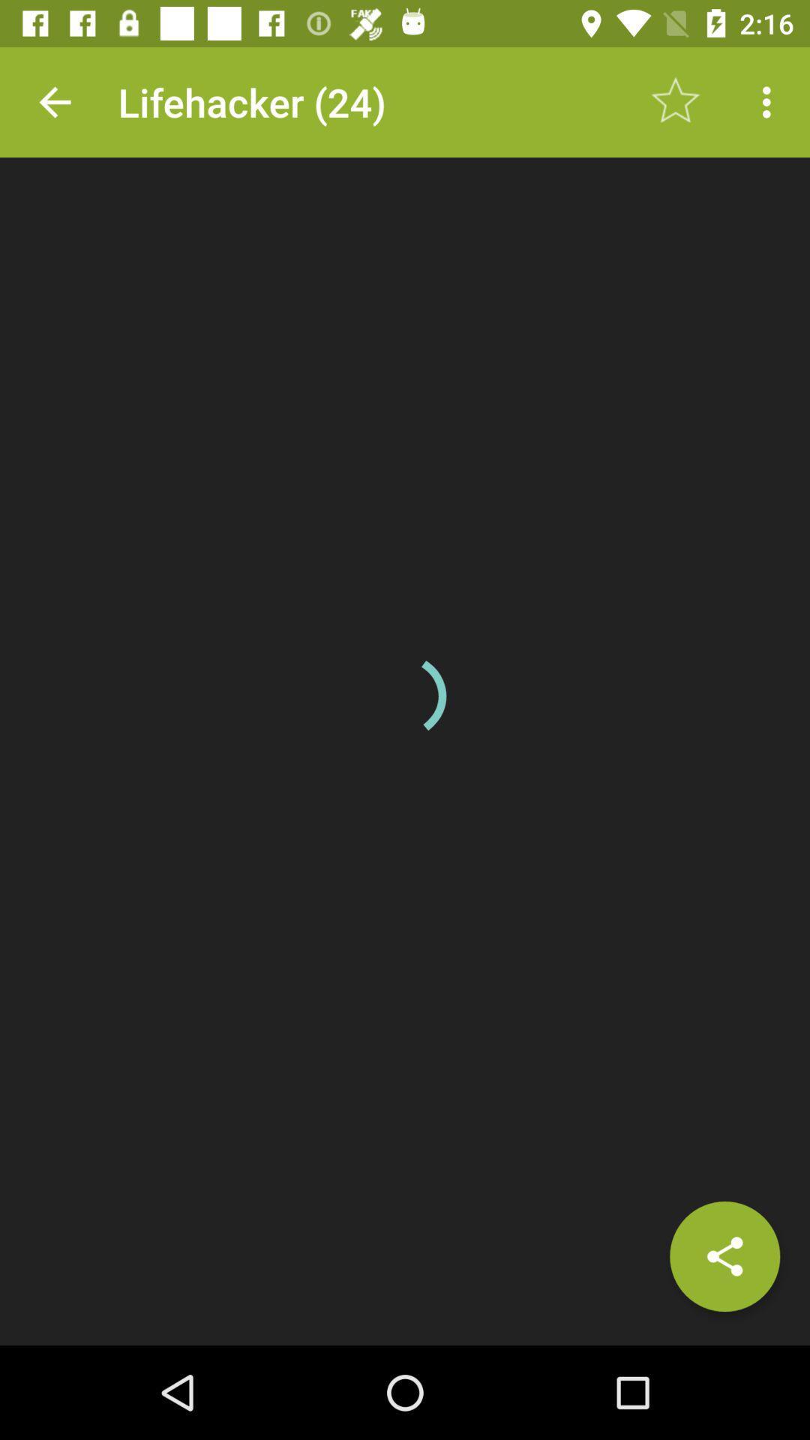 The width and height of the screenshot is (810, 1440). Describe the element at coordinates (724, 1256) in the screenshot. I see `clickable share button` at that location.